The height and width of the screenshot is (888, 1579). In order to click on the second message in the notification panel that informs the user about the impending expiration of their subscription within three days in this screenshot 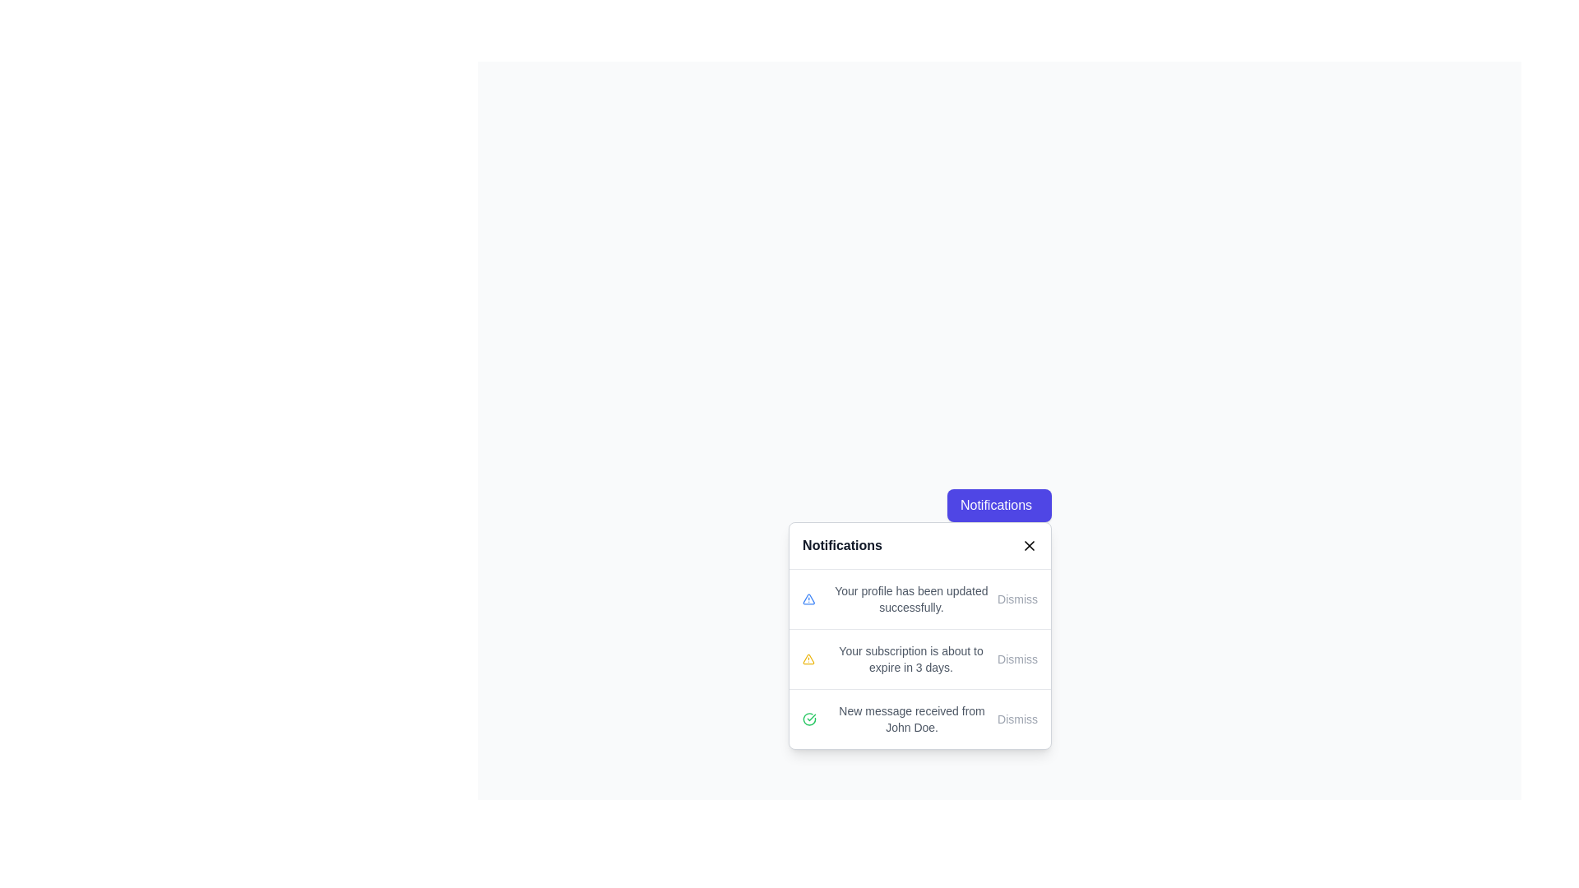, I will do `click(910, 659)`.